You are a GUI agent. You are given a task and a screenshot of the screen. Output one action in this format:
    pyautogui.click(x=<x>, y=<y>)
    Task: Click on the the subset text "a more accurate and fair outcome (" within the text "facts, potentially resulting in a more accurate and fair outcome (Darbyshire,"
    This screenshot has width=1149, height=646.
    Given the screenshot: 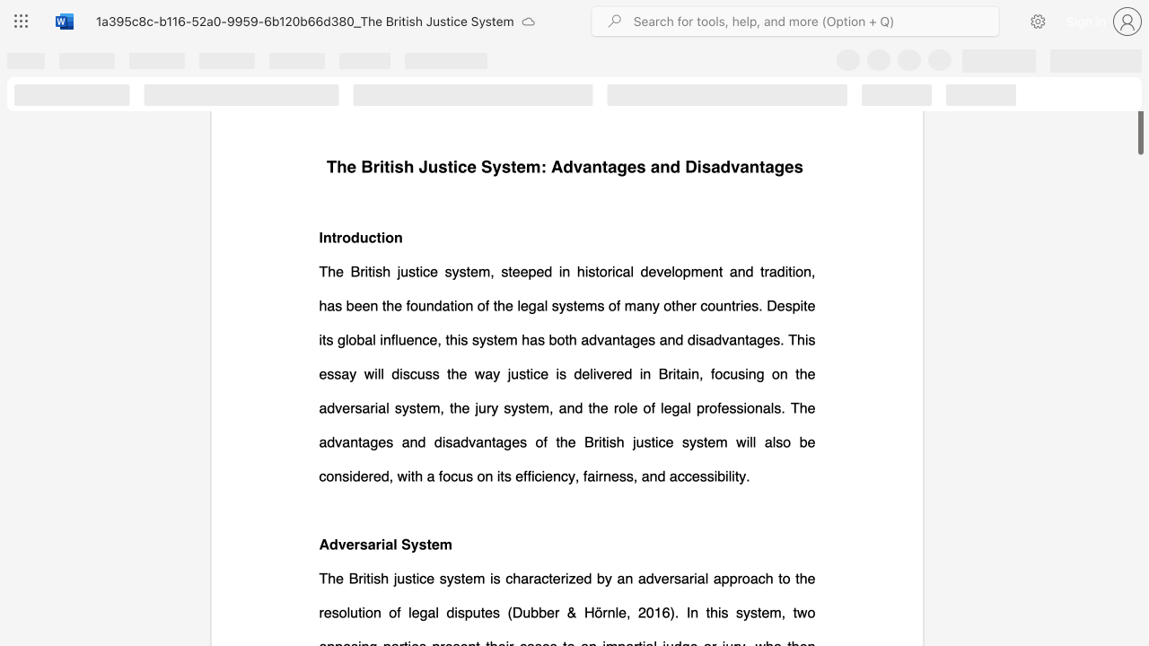 What is the action you would take?
    pyautogui.click(x=505, y=344)
    